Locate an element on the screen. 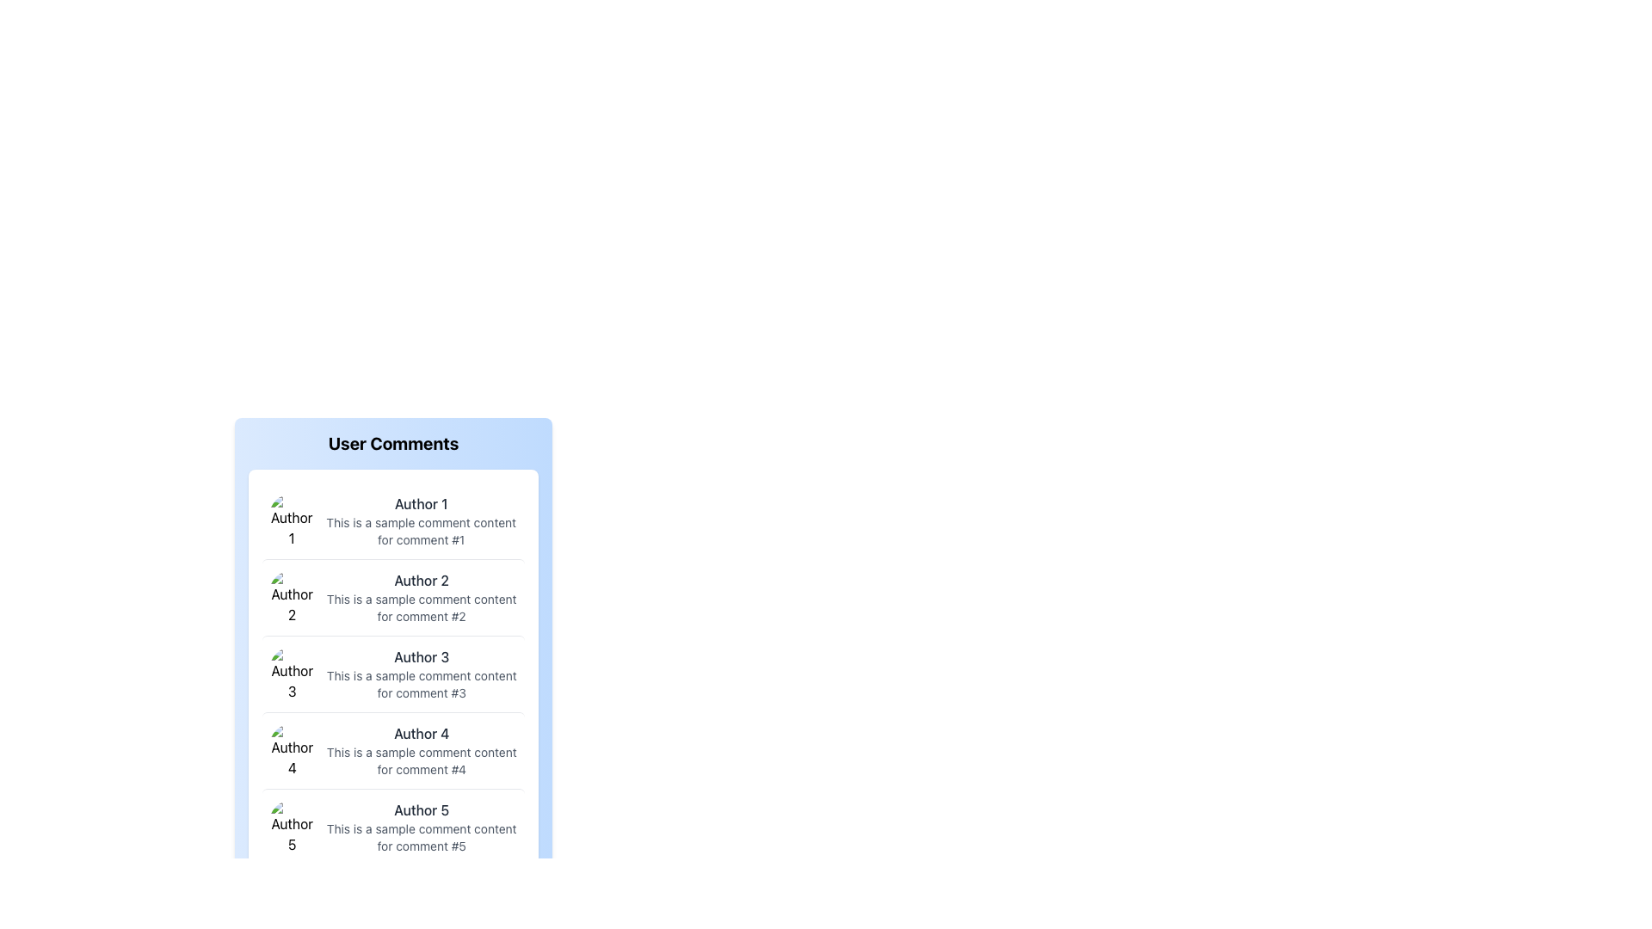 The image size is (1652, 929). username 'Author 4' and the comment content 'This is a sample comment content for comment #4' from the text display component located in the center panel beneath 'Author 3' is located at coordinates (422, 749).